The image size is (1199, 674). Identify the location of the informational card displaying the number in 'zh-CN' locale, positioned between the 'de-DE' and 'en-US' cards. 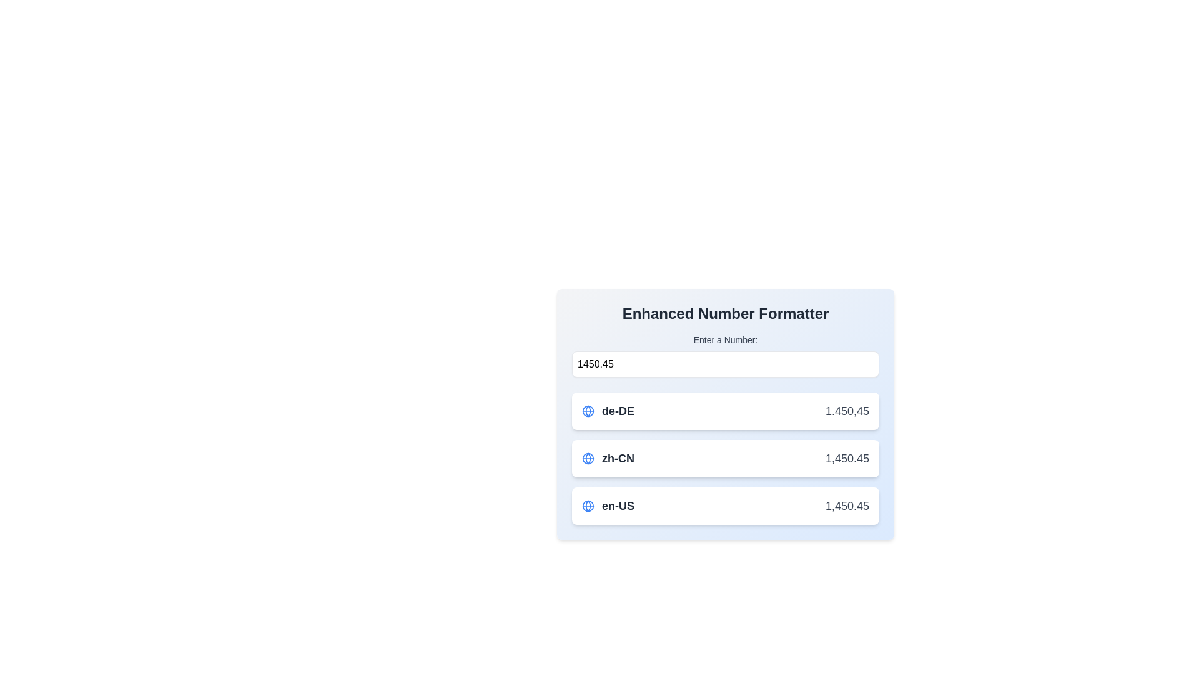
(725, 459).